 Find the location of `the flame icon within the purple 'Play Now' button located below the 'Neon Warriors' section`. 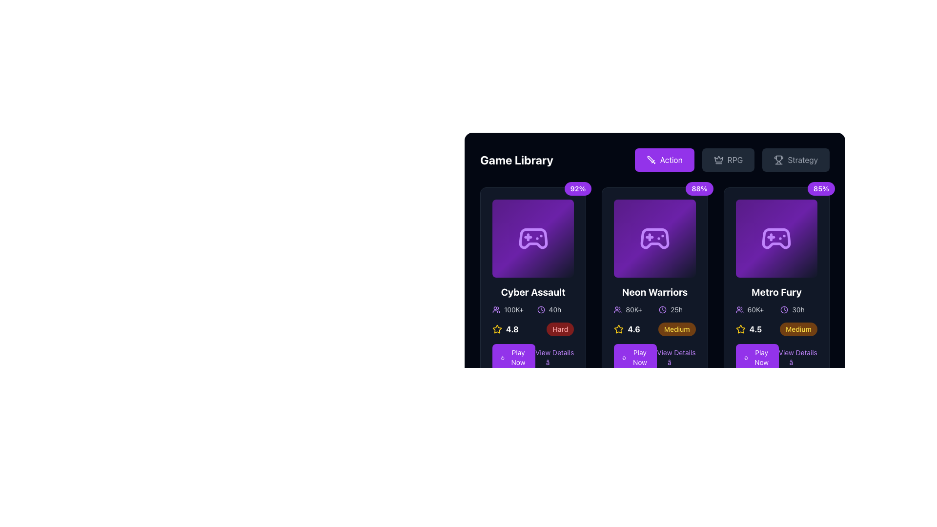

the flame icon within the purple 'Play Now' button located below the 'Neon Warriors' section is located at coordinates (624, 357).